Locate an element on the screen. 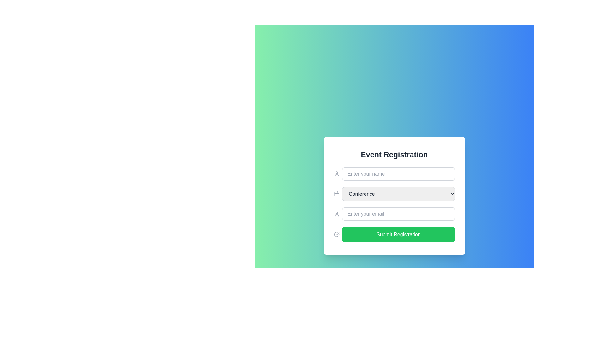  the 'Submit Registration' button is located at coordinates (398, 234).